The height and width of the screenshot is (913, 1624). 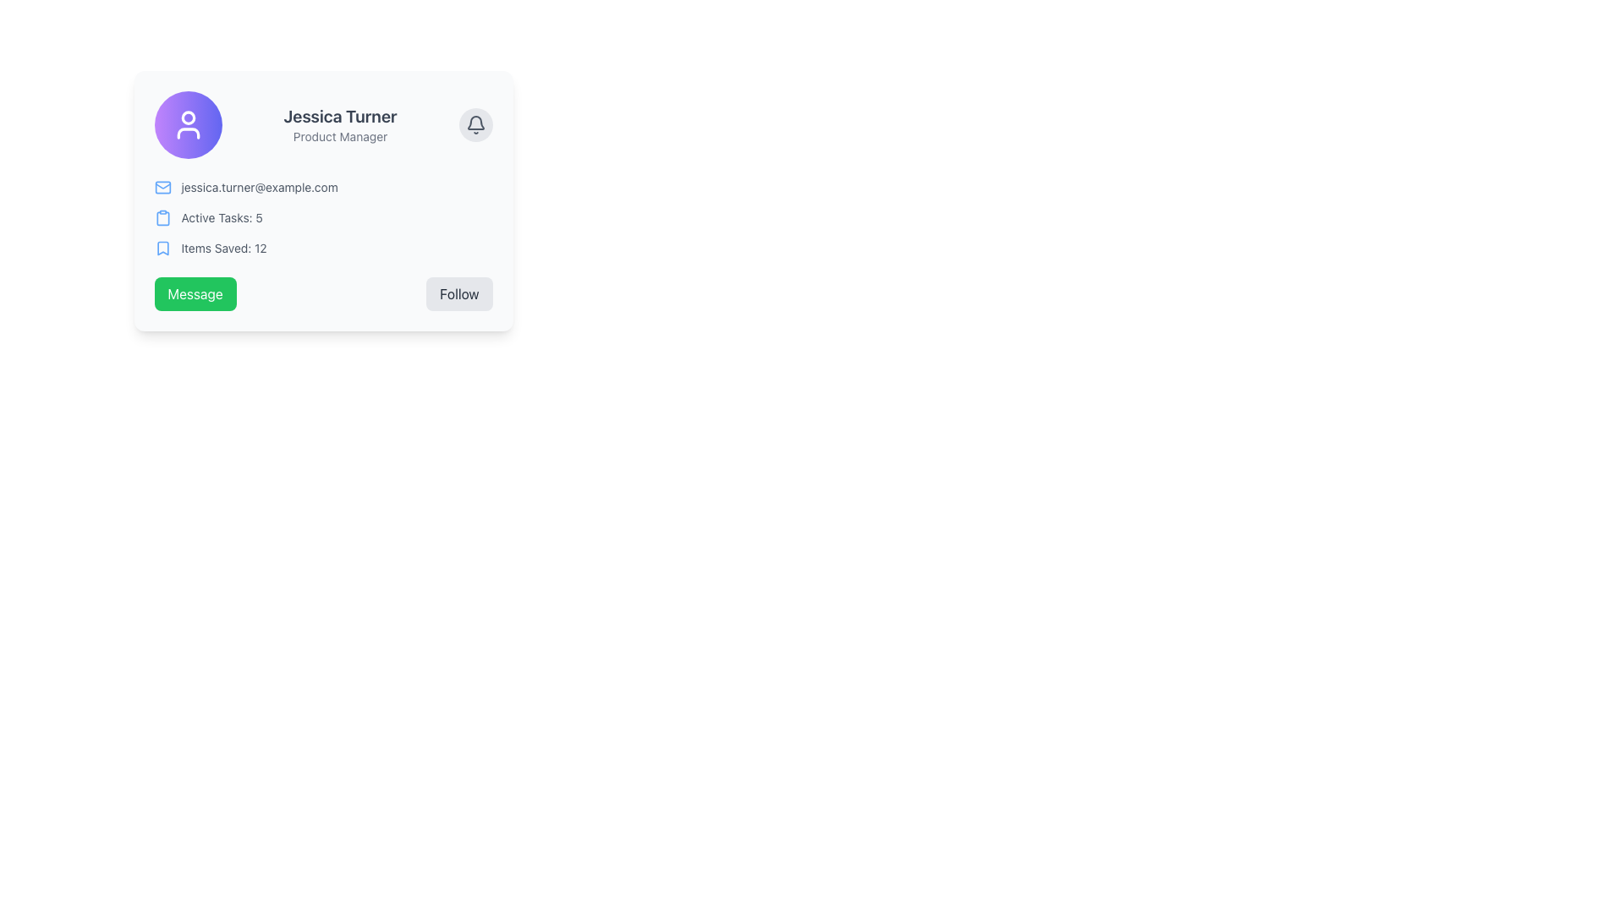 I want to click on the text label that displays the active task count, positioned centrally in the card layout, below the email address and above 'Items Saved: 12', so click(x=221, y=217).